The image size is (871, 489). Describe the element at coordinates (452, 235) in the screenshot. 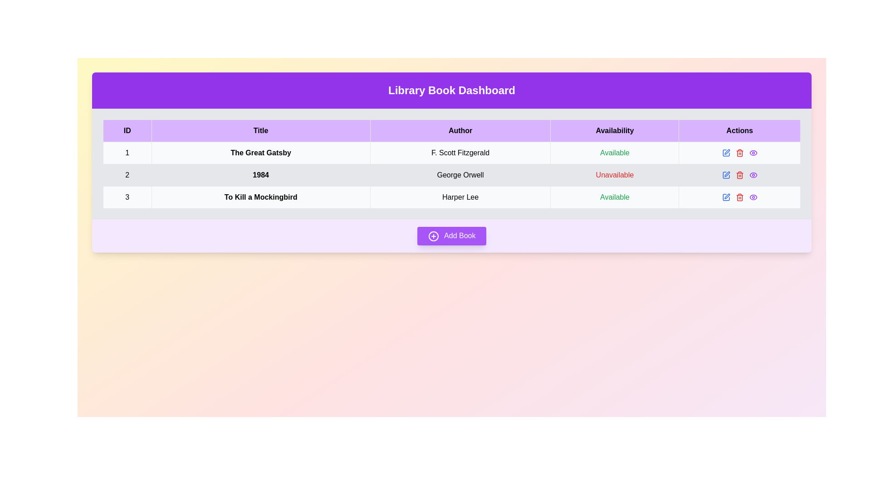

I see `the 'Add Book' button with a purple background and white text located at the bottom of the Library Book Dashboard` at that location.